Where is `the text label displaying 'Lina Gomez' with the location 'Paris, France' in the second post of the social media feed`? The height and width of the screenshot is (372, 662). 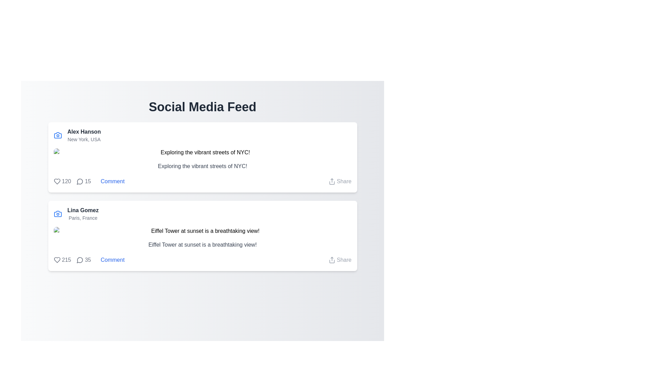
the text label displaying 'Lina Gomez' with the location 'Paris, France' in the second post of the social media feed is located at coordinates (83, 214).